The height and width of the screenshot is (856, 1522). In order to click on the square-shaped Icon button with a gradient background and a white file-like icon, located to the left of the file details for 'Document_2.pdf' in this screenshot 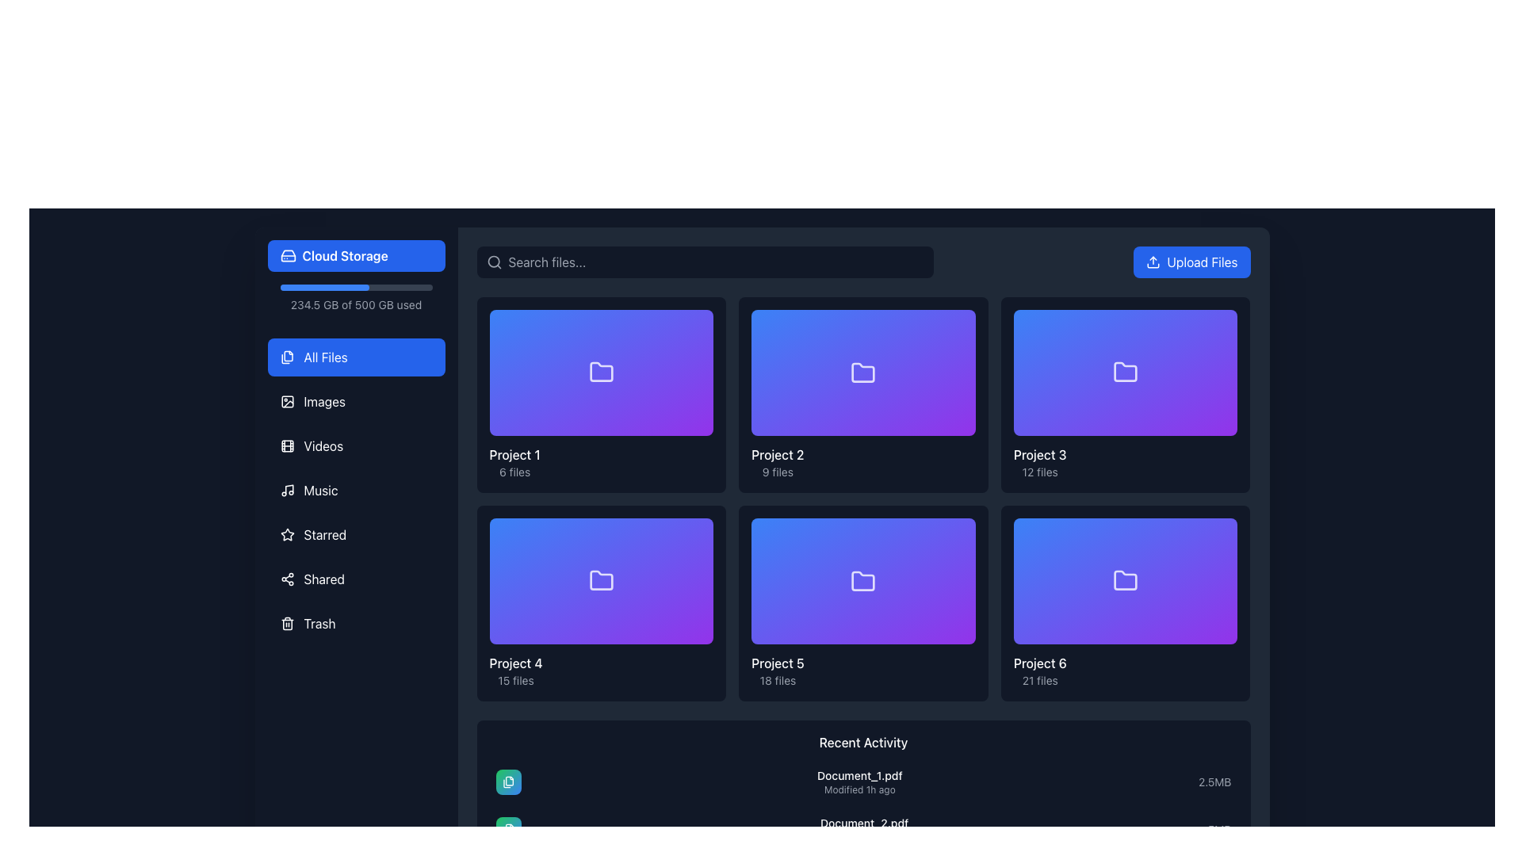, I will do `click(508, 828)`.